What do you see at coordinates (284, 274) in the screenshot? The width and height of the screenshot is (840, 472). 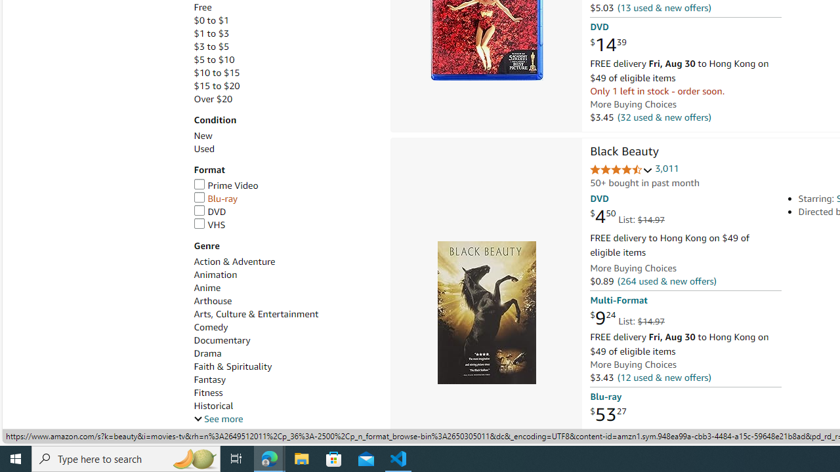 I see `'Animation'` at bounding box center [284, 274].